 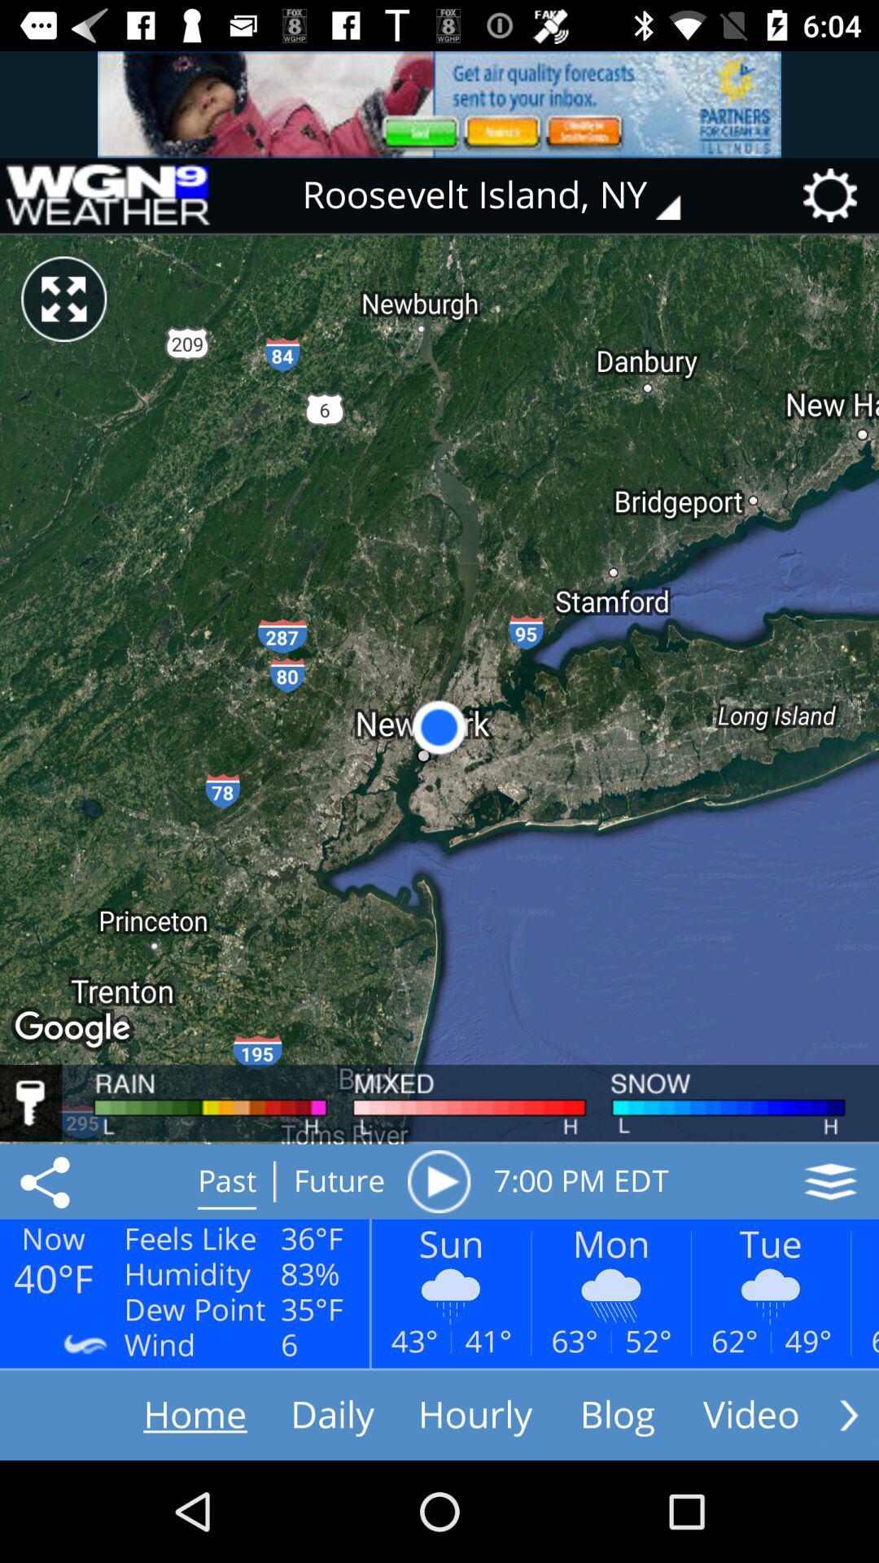 What do you see at coordinates (47, 1181) in the screenshot?
I see `the item to the left of the feels like item` at bounding box center [47, 1181].